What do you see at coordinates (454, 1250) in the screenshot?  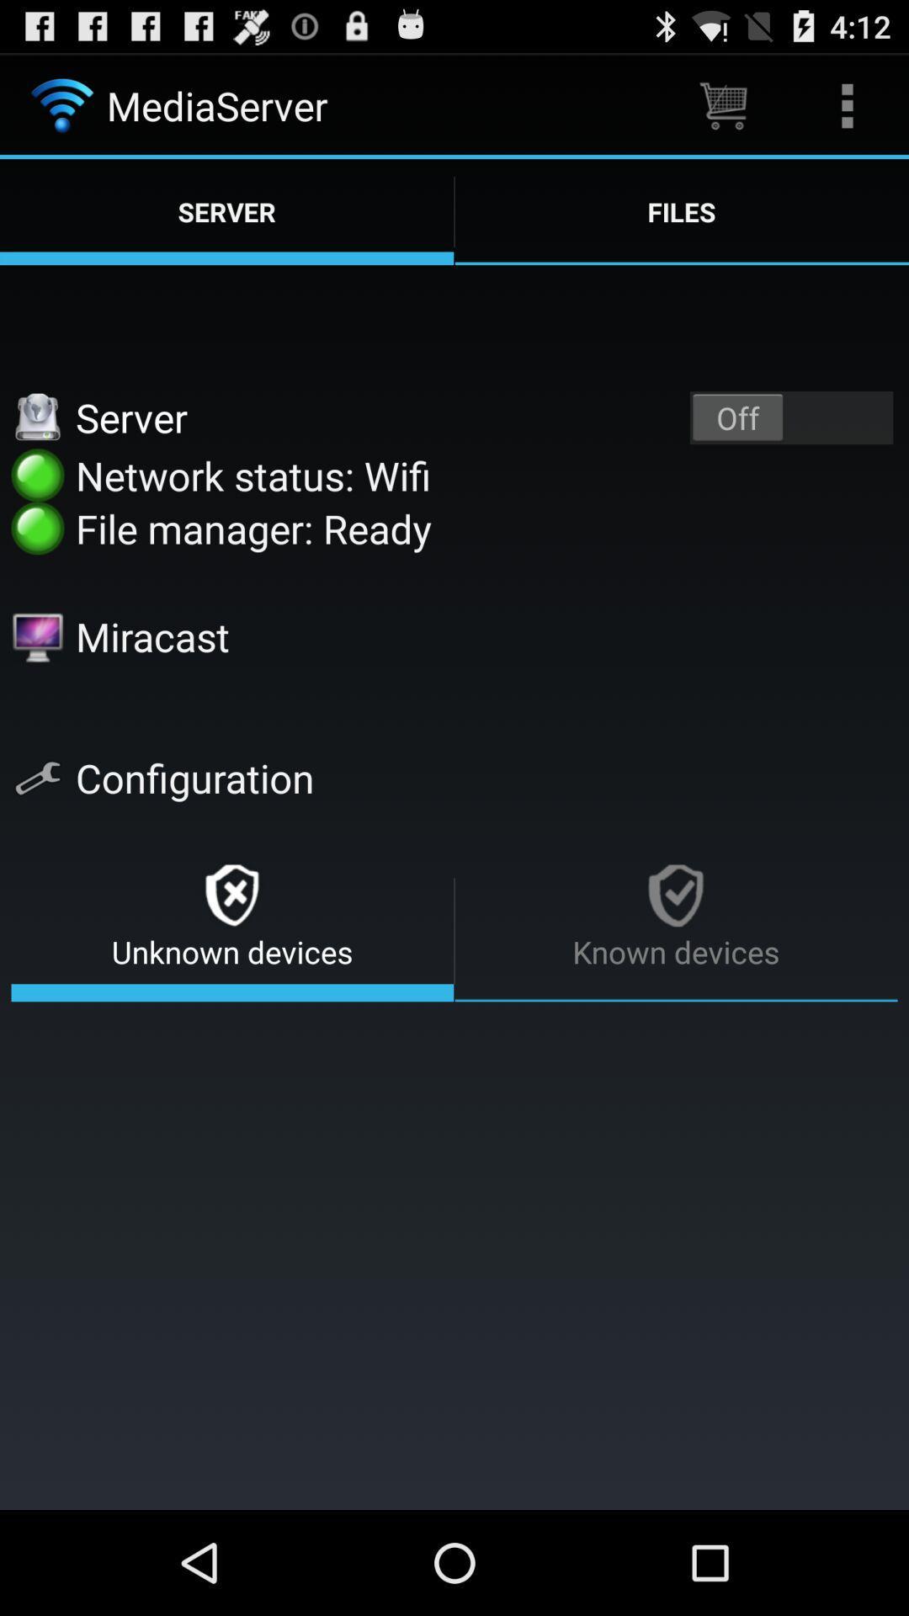 I see `the item at the bottom` at bounding box center [454, 1250].